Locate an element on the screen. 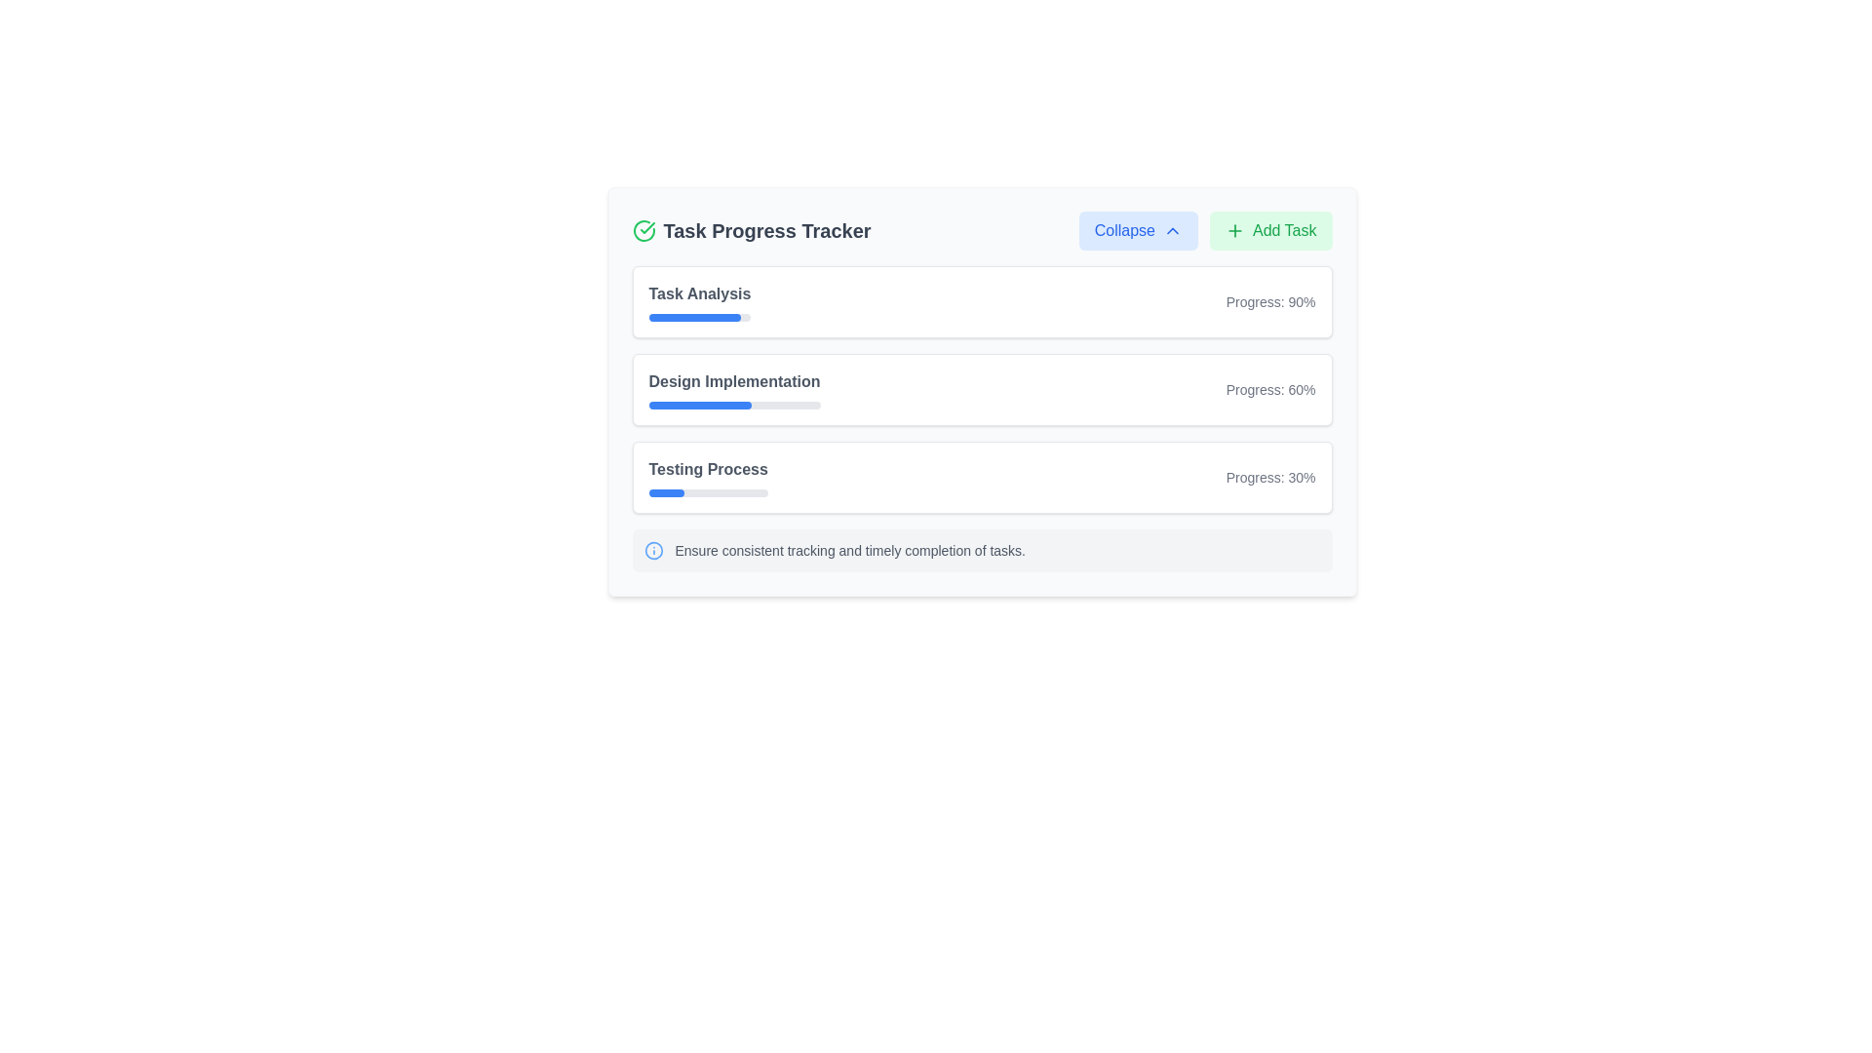 The height and width of the screenshot is (1053, 1872). the chevron-up icon located to the immediate right of the 'Collapse' button text is located at coordinates (1171, 229).